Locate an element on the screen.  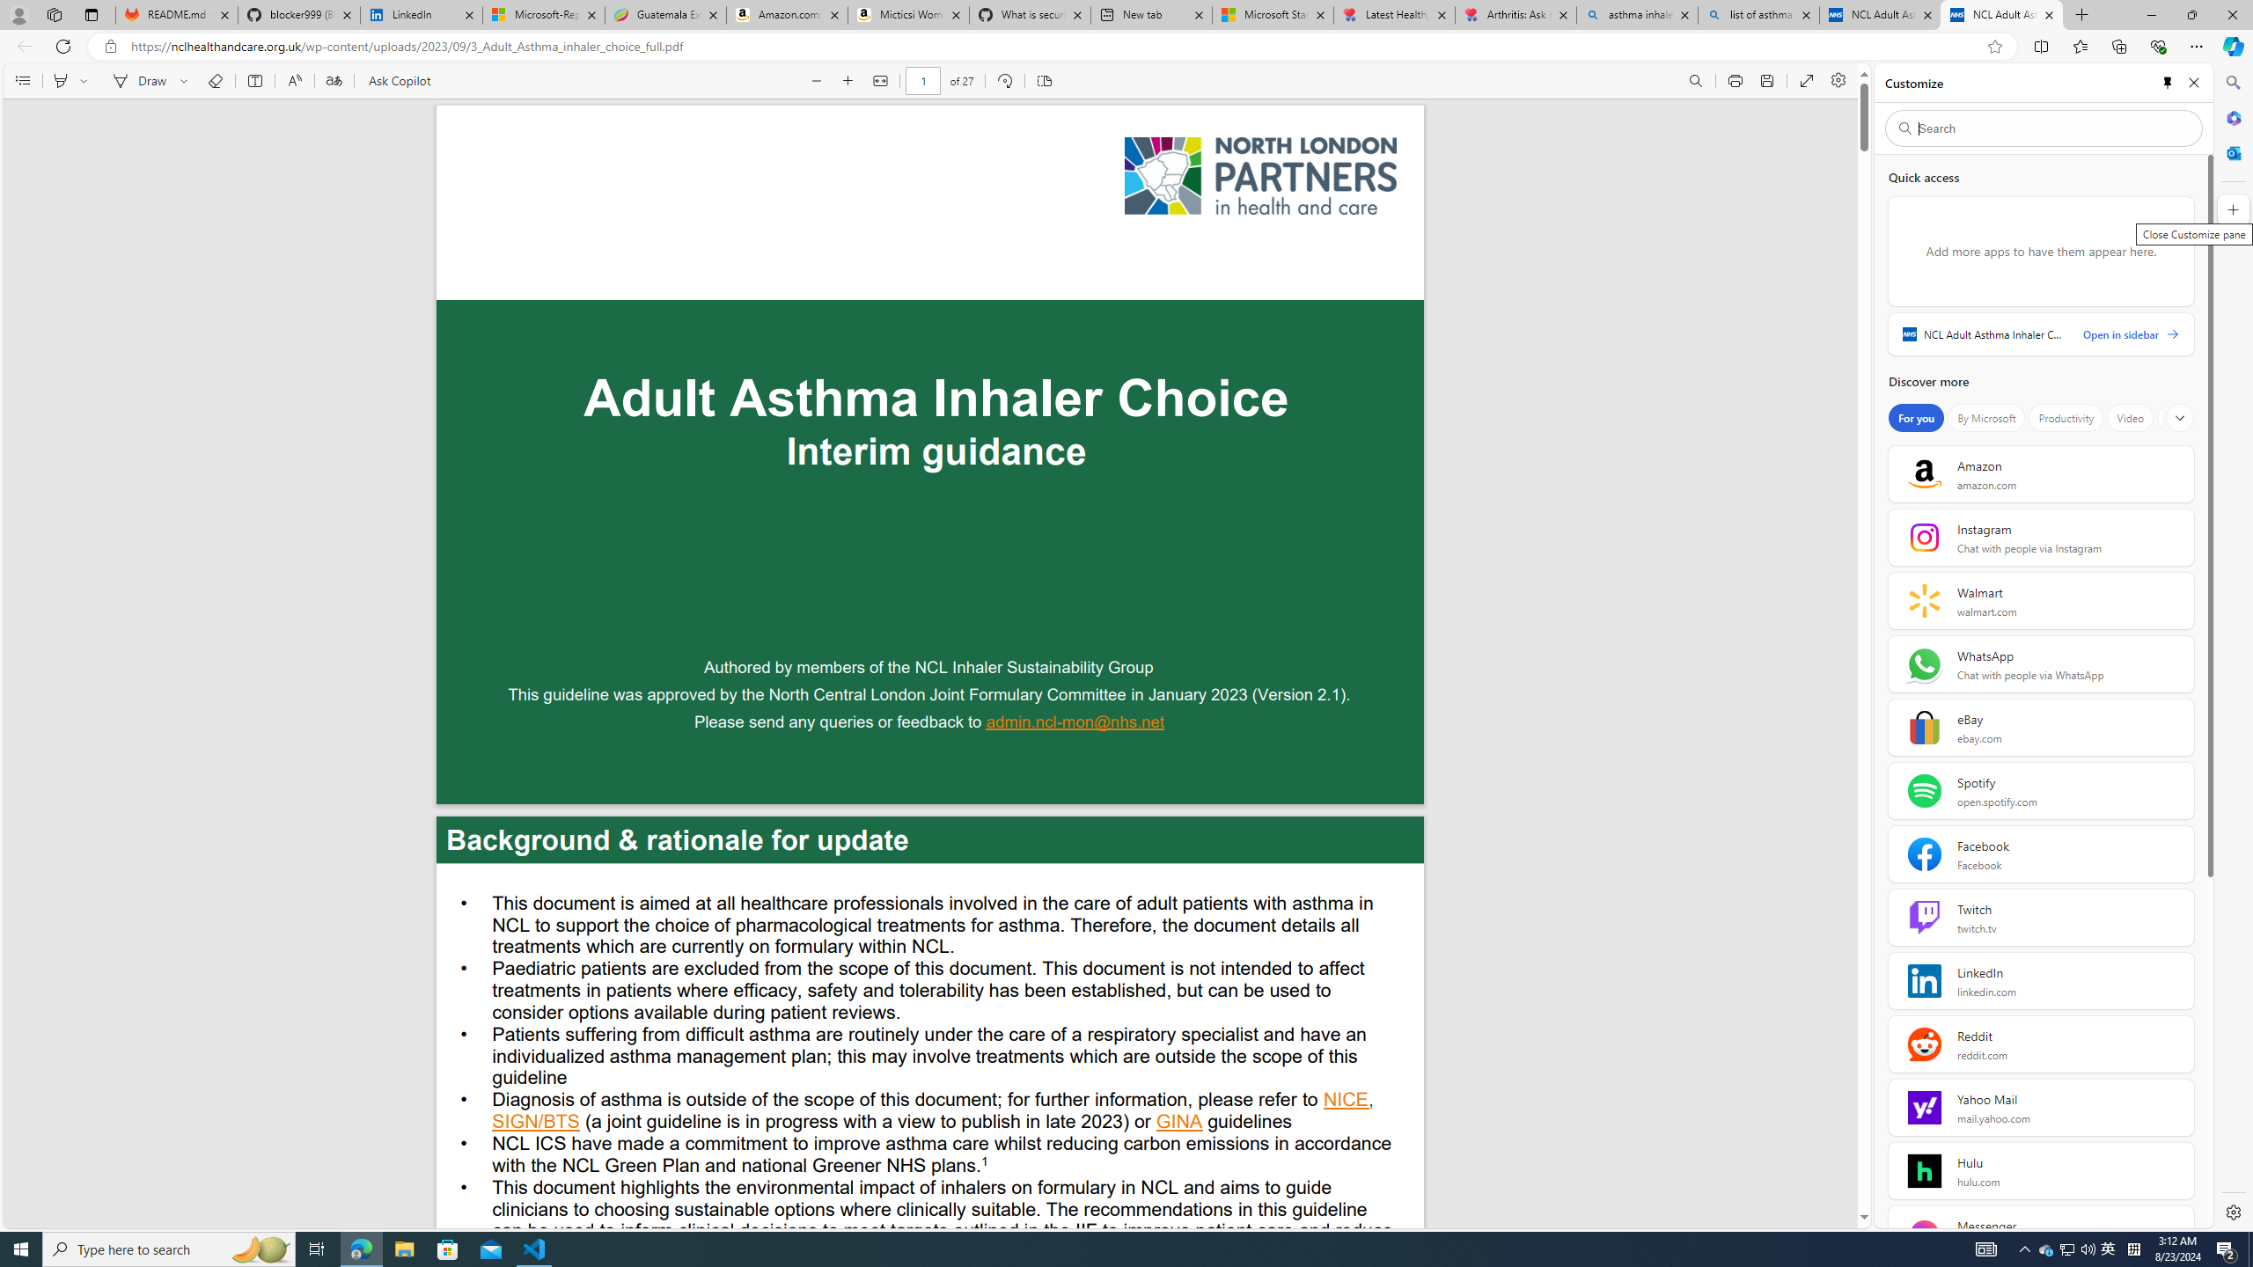
'GINA ' is located at coordinates (1179, 1123).